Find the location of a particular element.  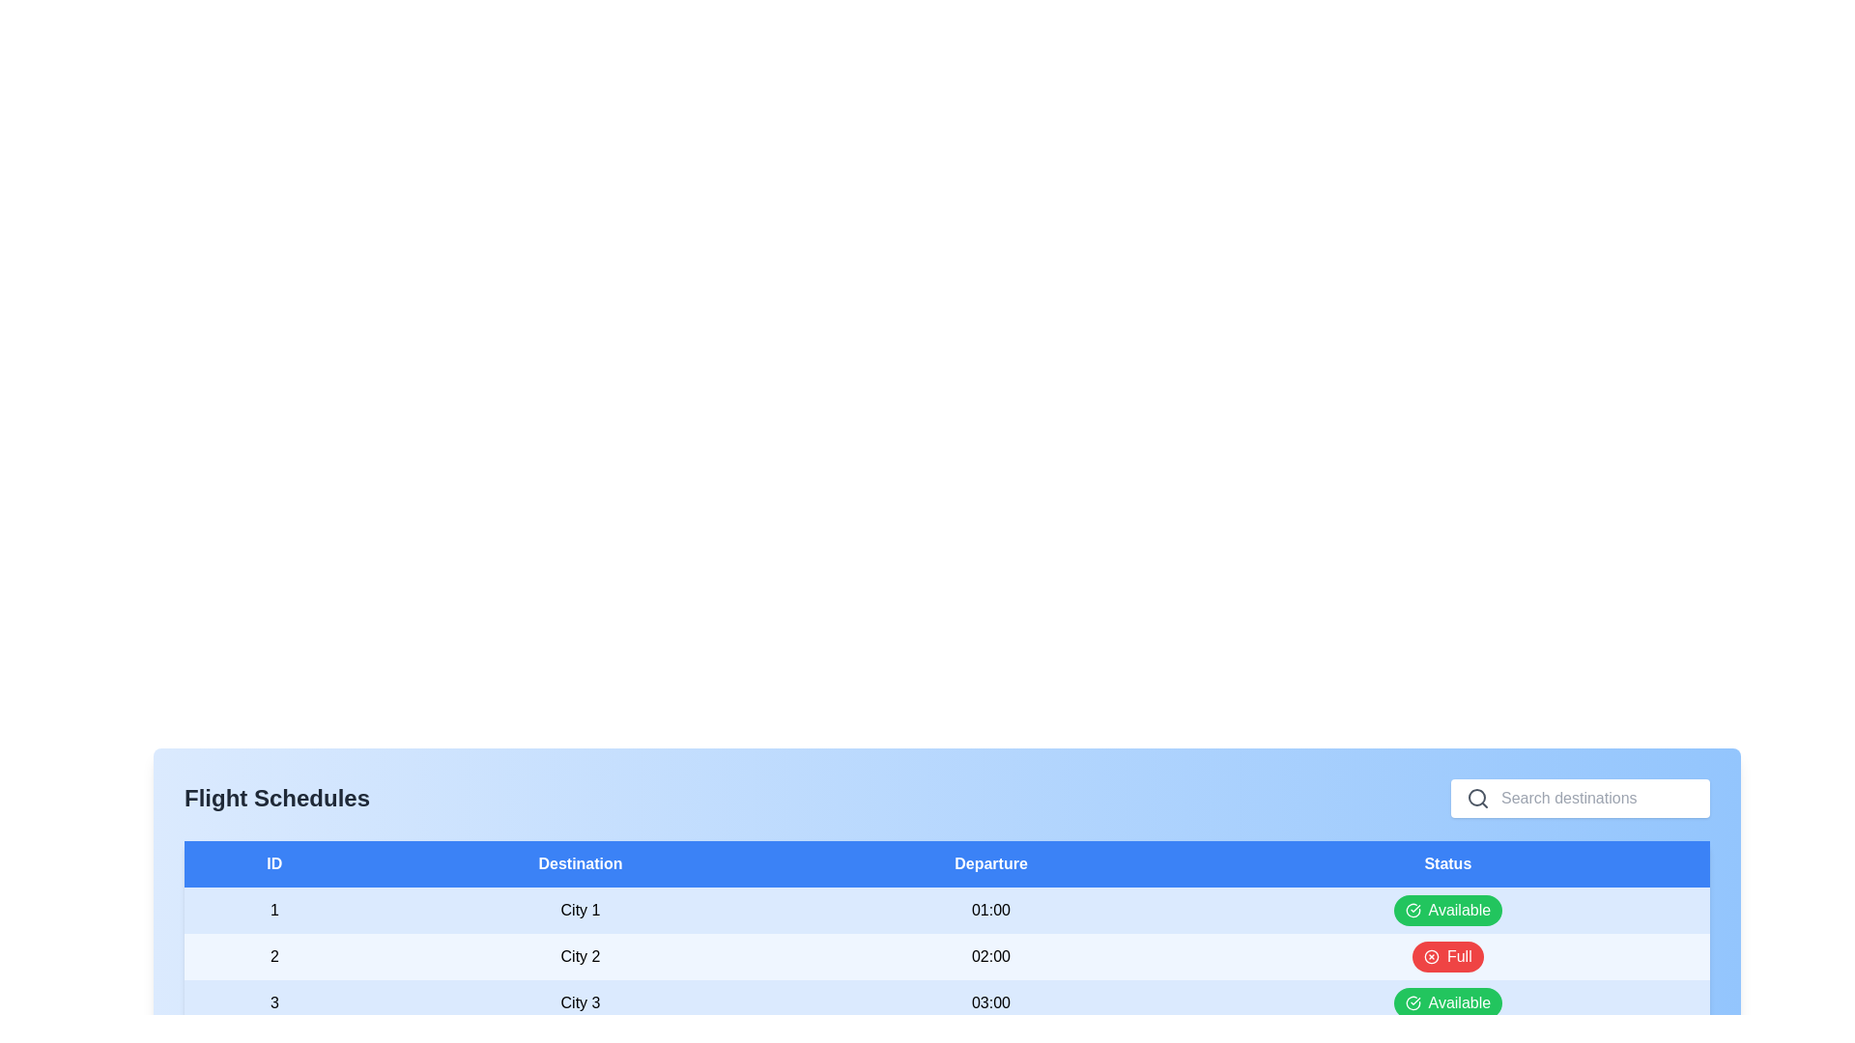

the column header Destination to sort or view information is located at coordinates (579, 862).